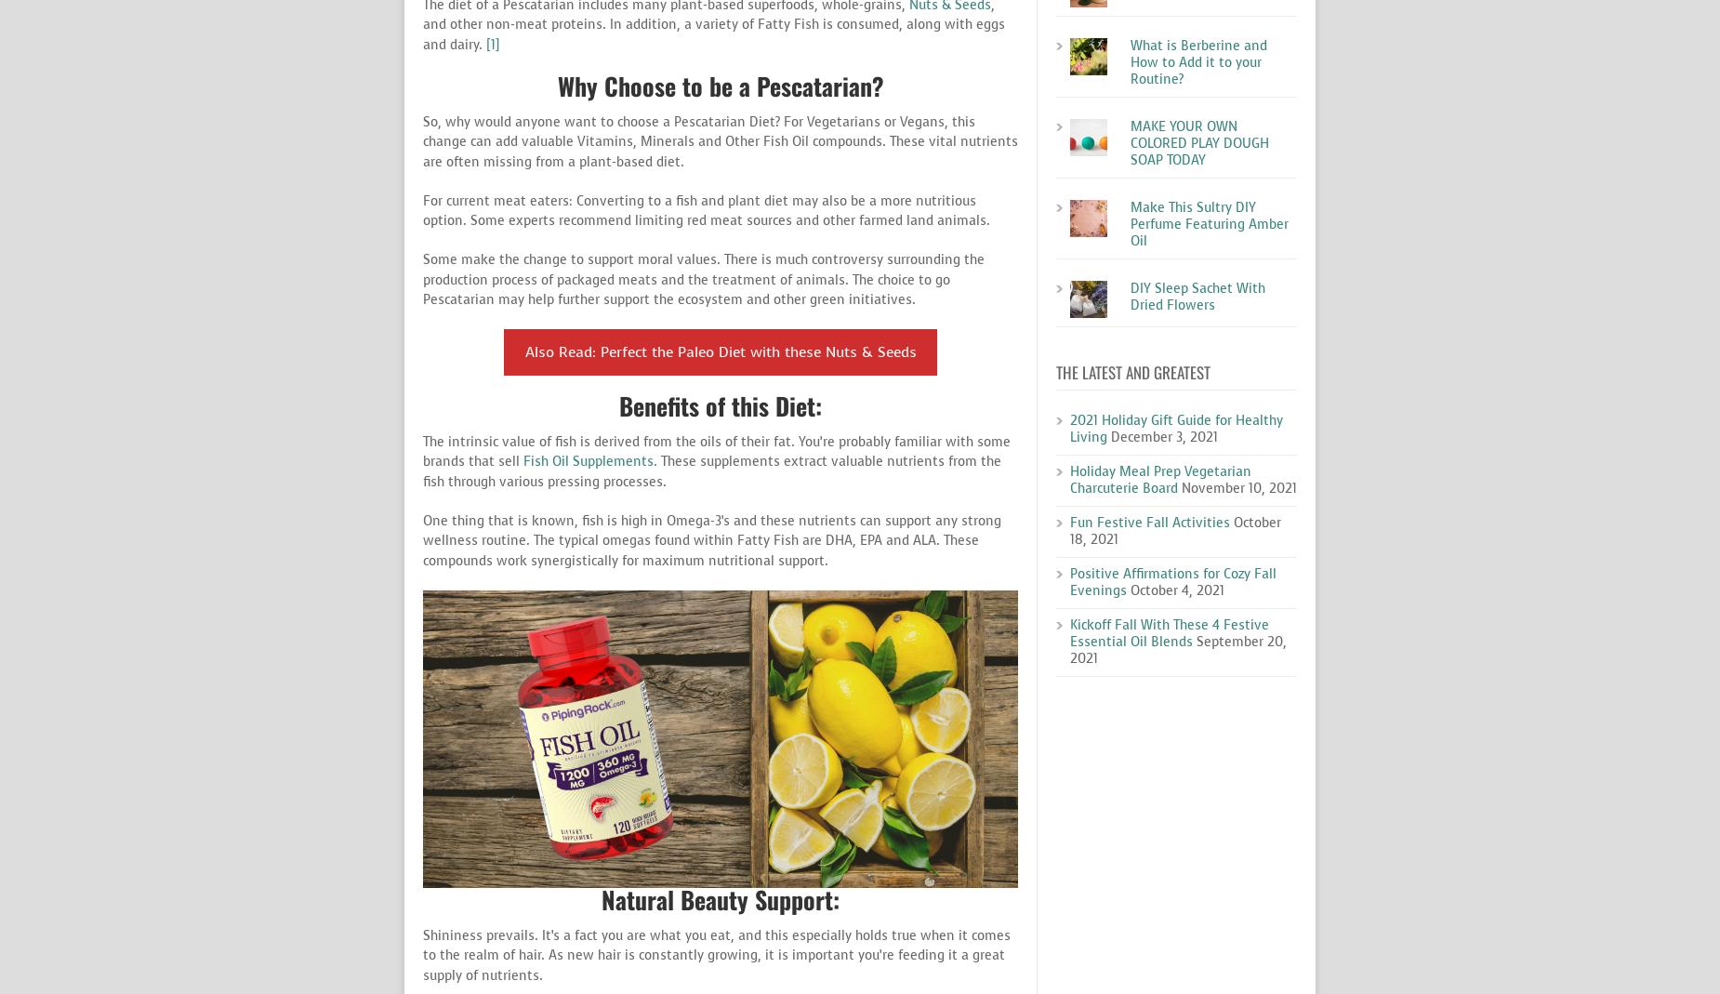 The image size is (1720, 994). What do you see at coordinates (720, 351) in the screenshot?
I see `'Also Read: Perfect the Paleo Diet with these Nuts & Seeds'` at bounding box center [720, 351].